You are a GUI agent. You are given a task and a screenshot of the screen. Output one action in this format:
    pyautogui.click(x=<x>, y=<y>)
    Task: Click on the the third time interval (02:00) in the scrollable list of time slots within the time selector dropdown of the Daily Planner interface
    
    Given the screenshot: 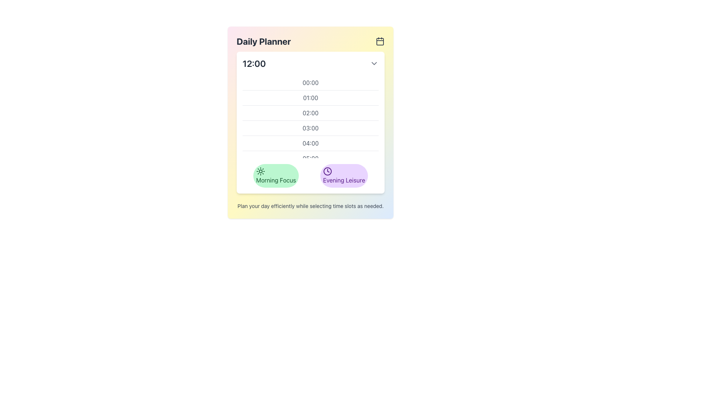 What is the action you would take?
    pyautogui.click(x=311, y=116)
    